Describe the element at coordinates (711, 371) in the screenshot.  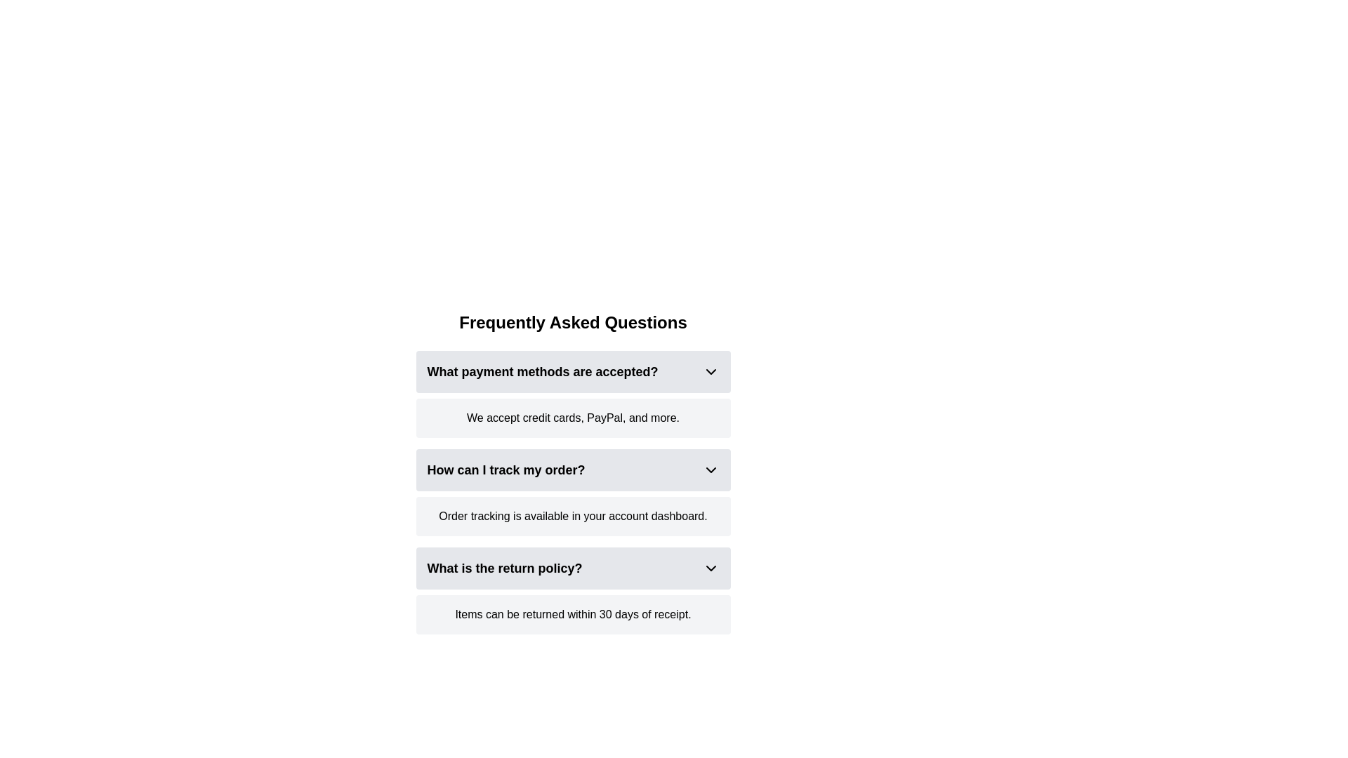
I see `the toggle icon for expanding or collapsing the content associated with the question 'What payment methods are accepted?'` at that location.